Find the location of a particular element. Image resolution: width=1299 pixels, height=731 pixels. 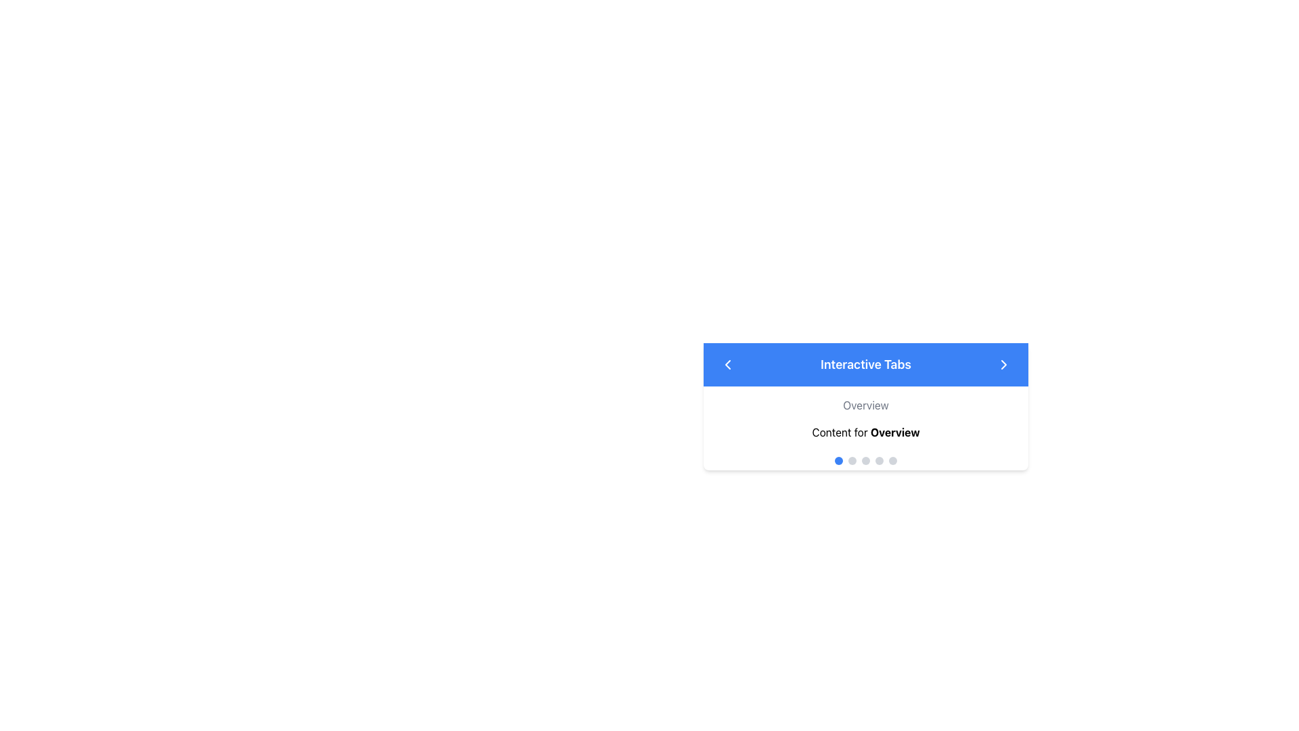

the third gray dot indicator located below the 'Content for Overview' text is located at coordinates (866, 460).